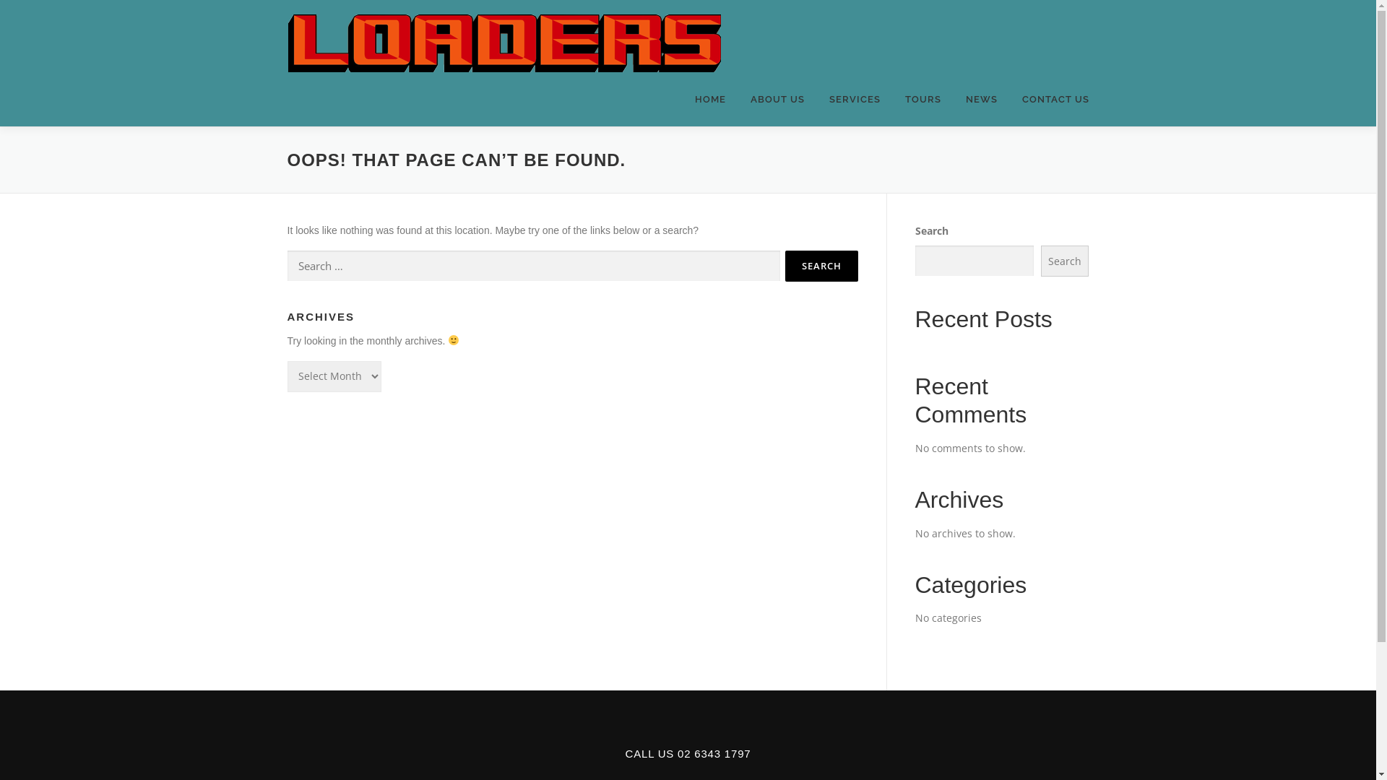  I want to click on 'TOURS', so click(922, 98).